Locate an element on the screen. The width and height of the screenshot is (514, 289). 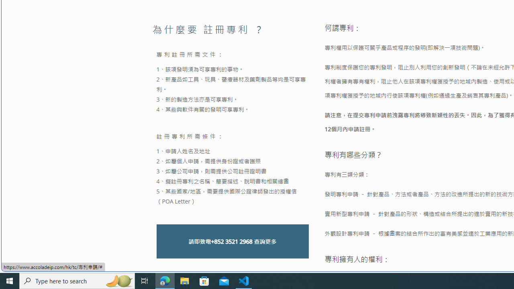
'+852 3521 2968' is located at coordinates (231, 241).